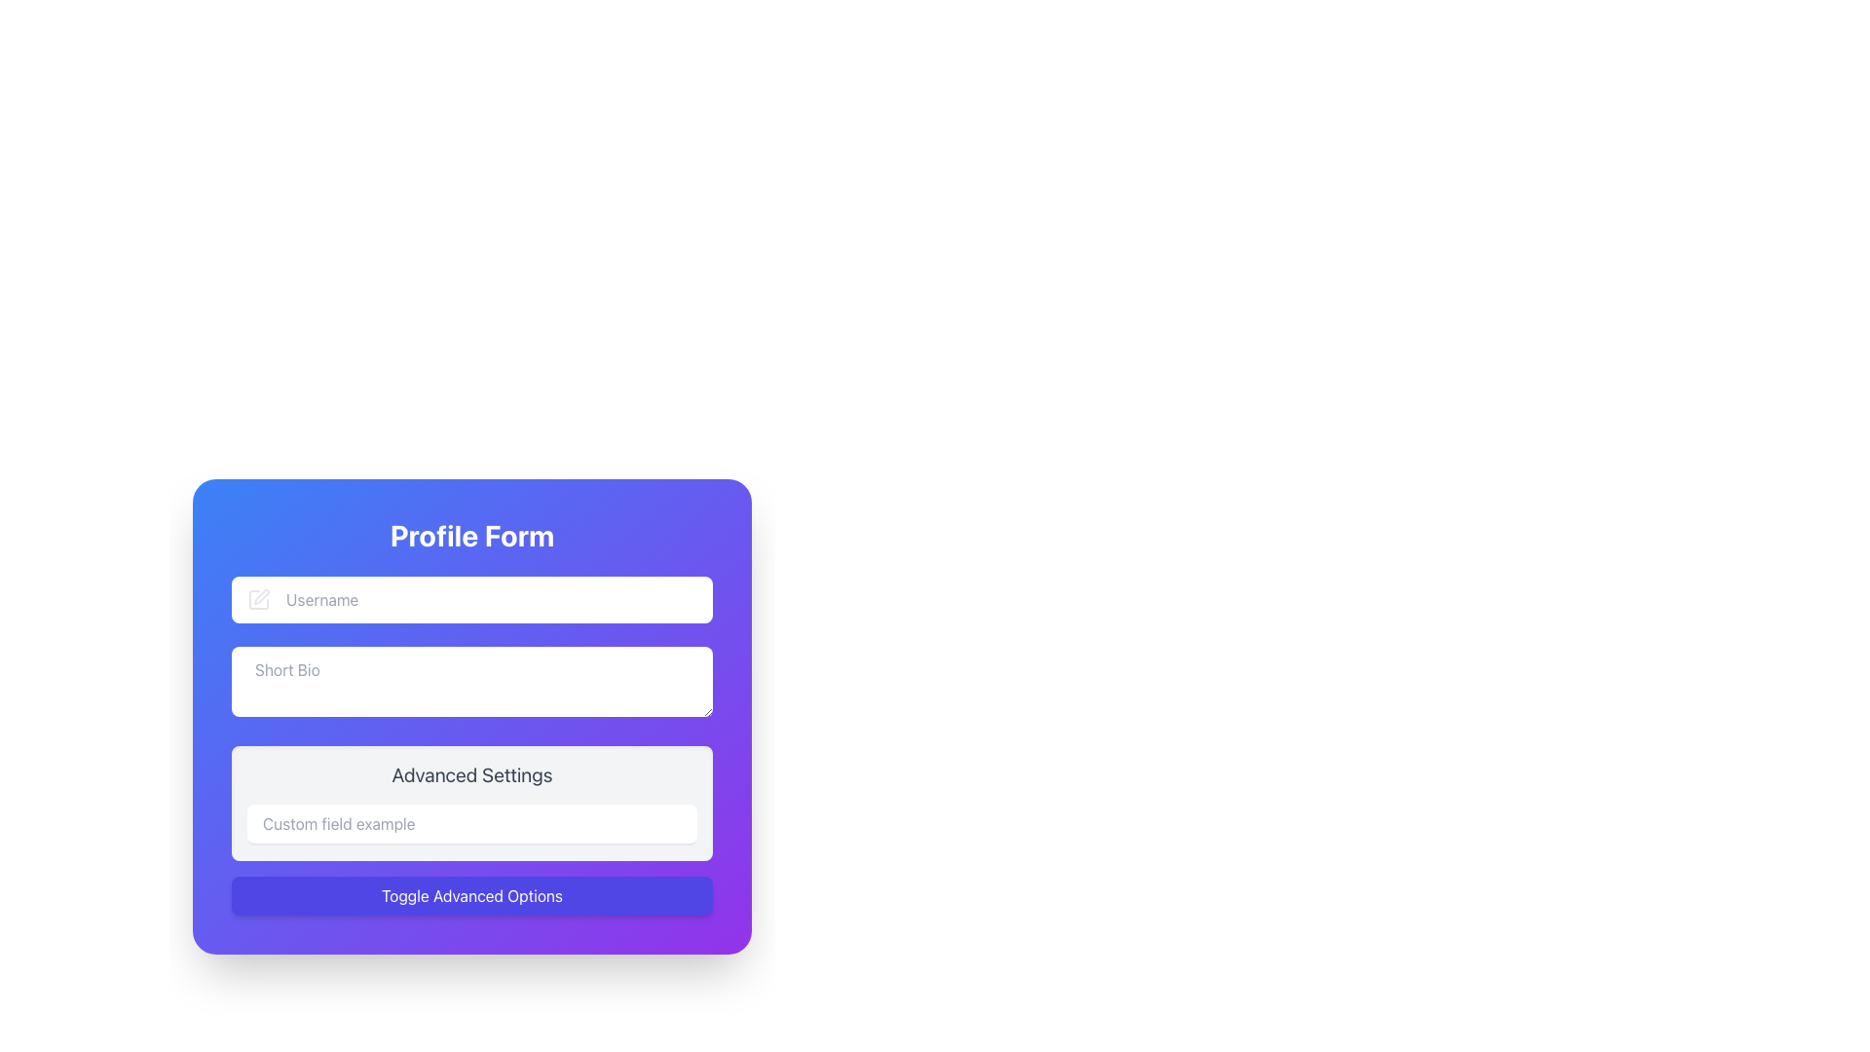  What do you see at coordinates (471, 745) in the screenshot?
I see `the 'Advanced Settings' label which is a light-colored rectangular area with the text prominently displayed in the center, located within the 'Profile Form' interface` at bounding box center [471, 745].